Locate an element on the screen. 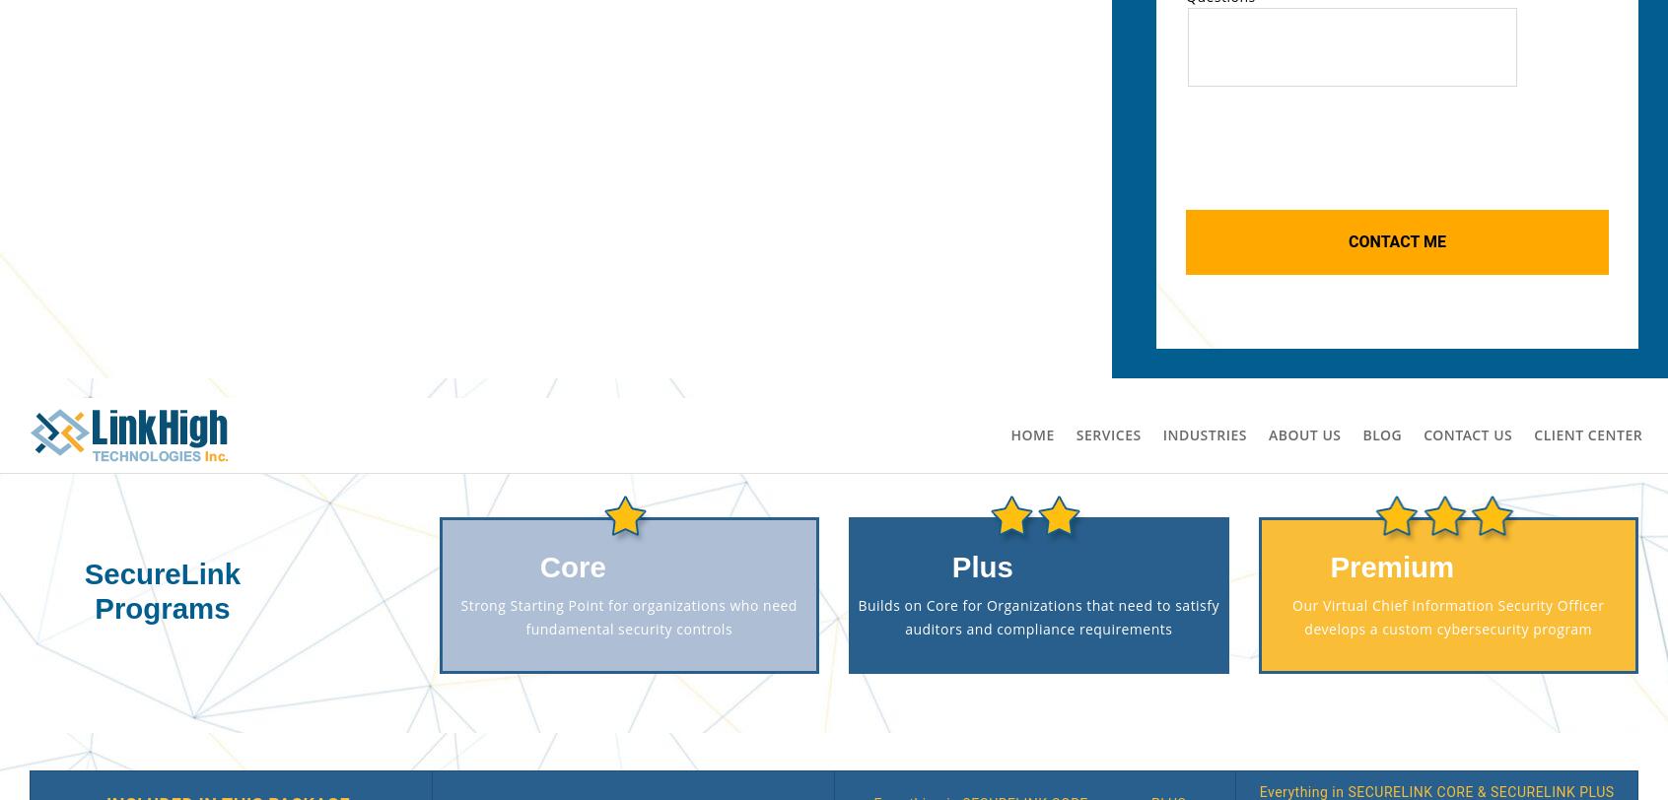  'THREAT MITIGATION' is located at coordinates (833, 320).